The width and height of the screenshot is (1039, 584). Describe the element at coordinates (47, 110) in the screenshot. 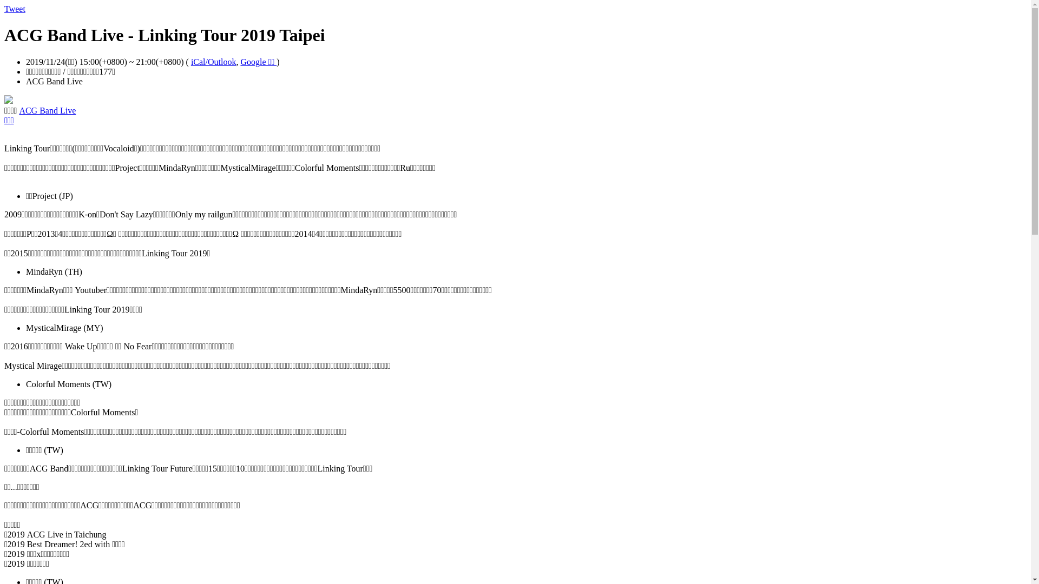

I see `'ACG Band Live'` at that location.